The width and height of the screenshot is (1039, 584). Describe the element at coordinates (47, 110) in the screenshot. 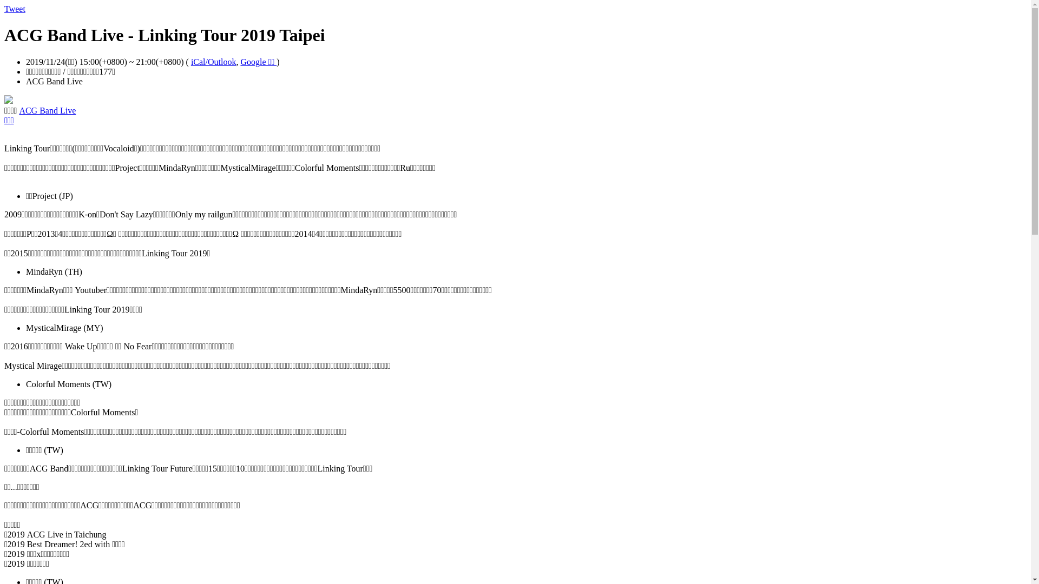

I see `'ACG Band Live'` at that location.